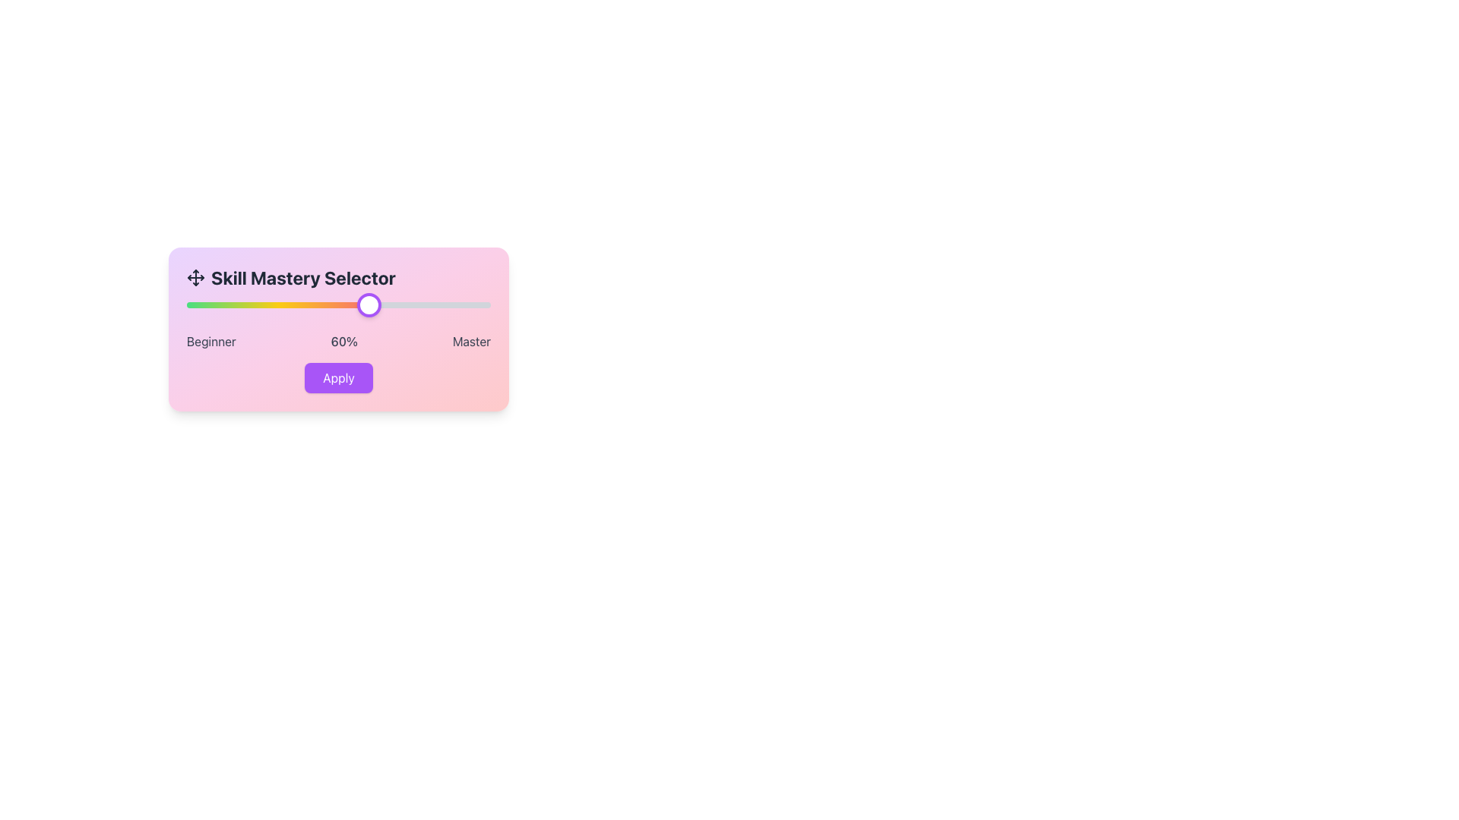  I want to click on the skill mastery level, so click(466, 304).